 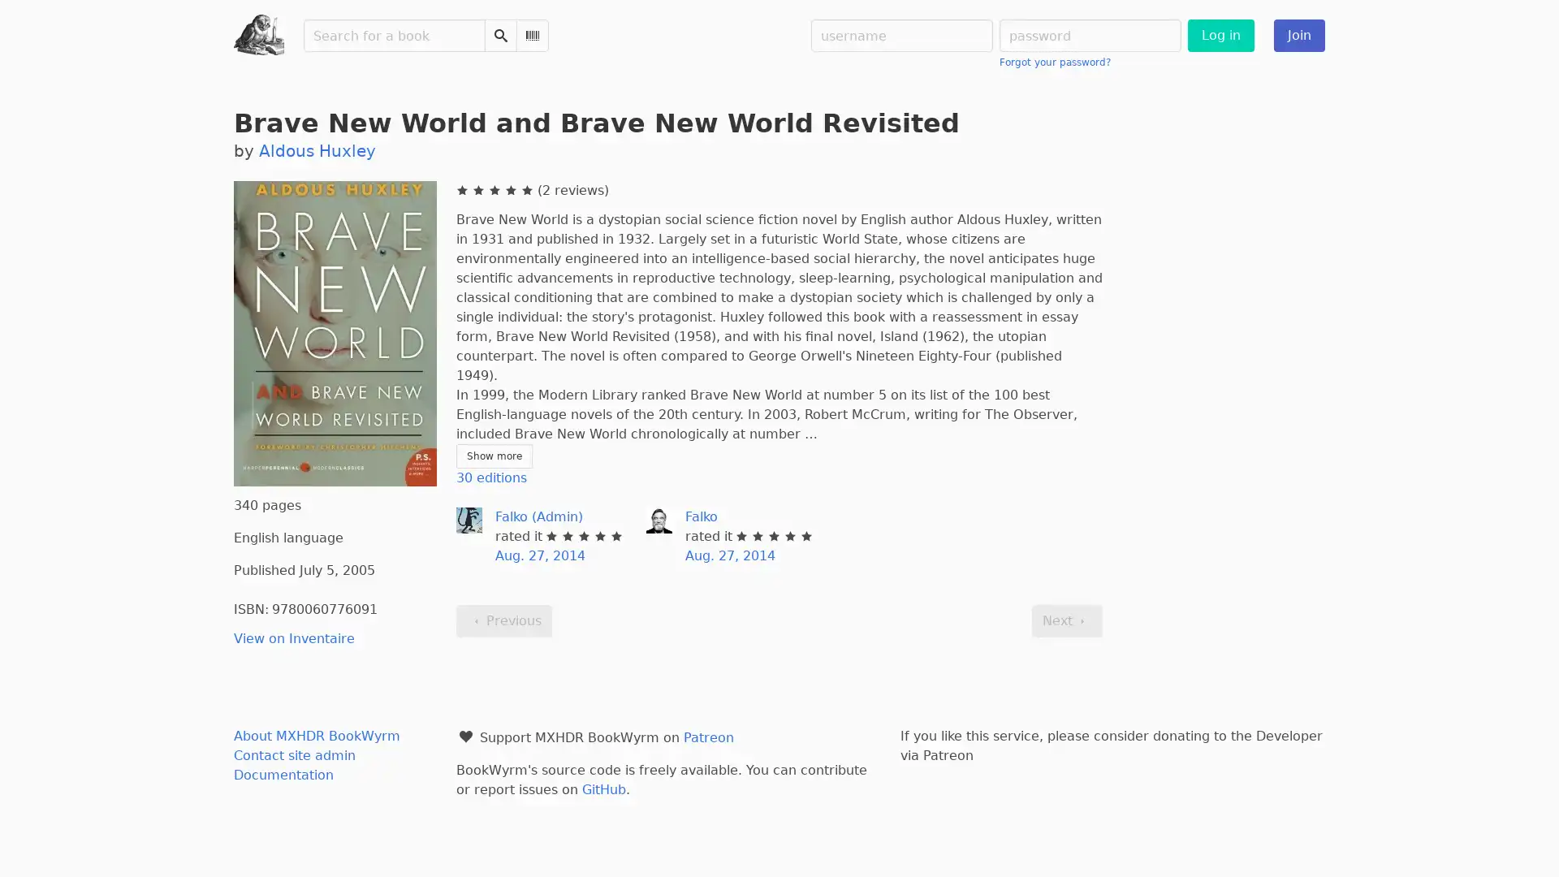 I want to click on Log in, so click(x=1220, y=35).